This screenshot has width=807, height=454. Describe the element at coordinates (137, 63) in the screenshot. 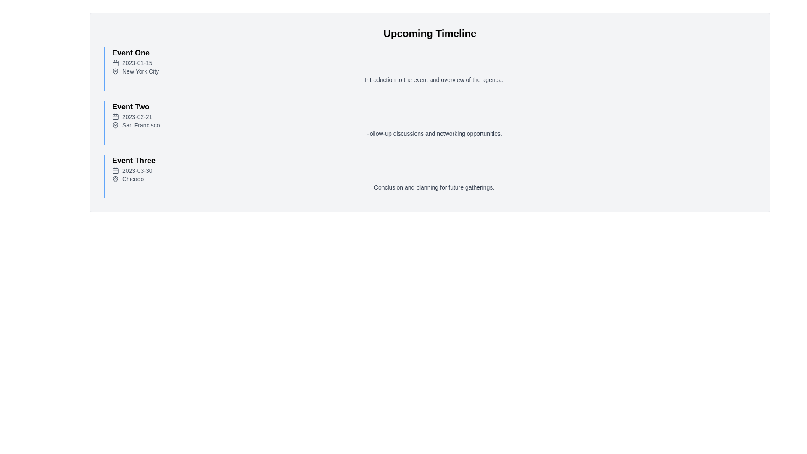

I see `the text label displaying the scheduled date for 'Event One' located next to 'New York City' and aligned with a small calendar icon` at that location.